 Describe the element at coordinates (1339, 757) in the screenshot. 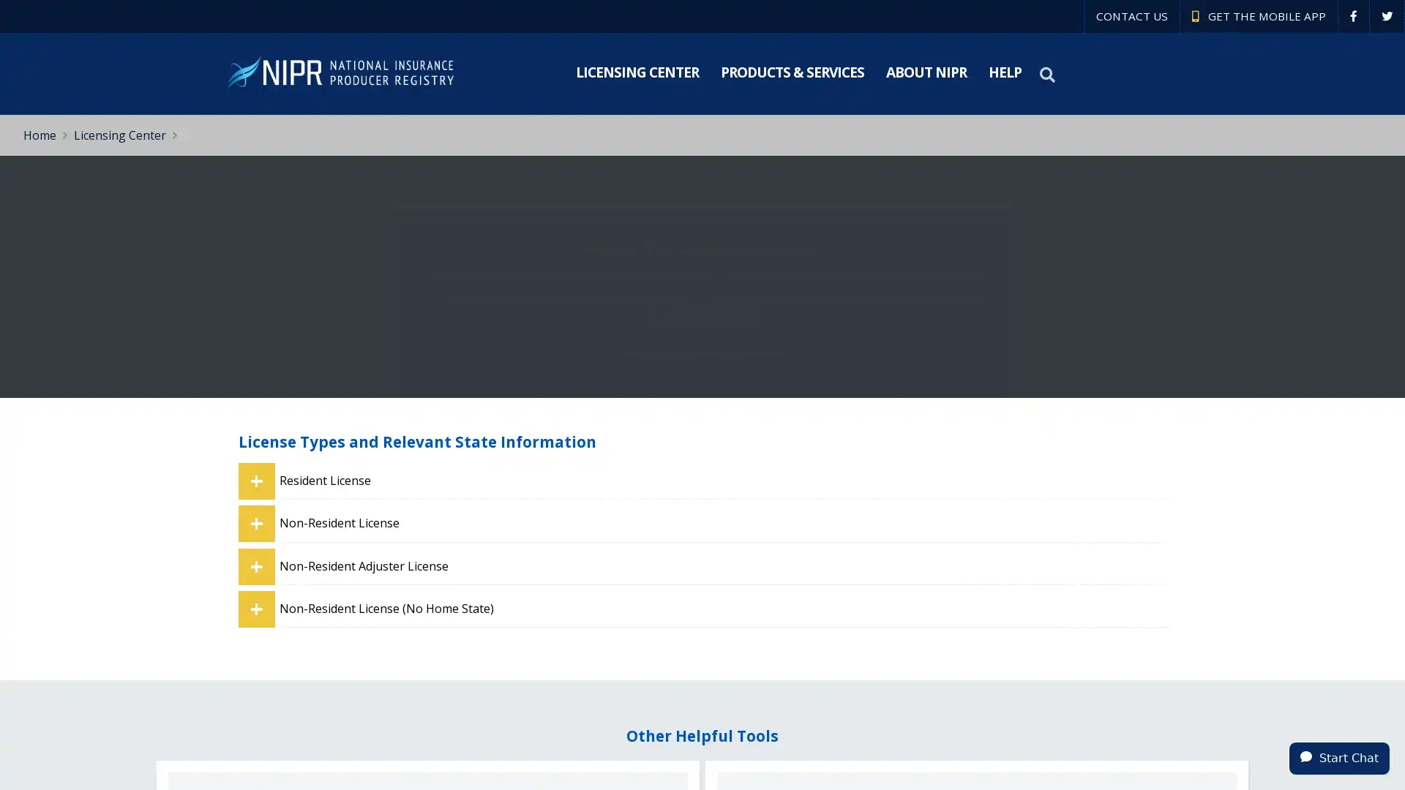

I see `Start Chat` at that location.